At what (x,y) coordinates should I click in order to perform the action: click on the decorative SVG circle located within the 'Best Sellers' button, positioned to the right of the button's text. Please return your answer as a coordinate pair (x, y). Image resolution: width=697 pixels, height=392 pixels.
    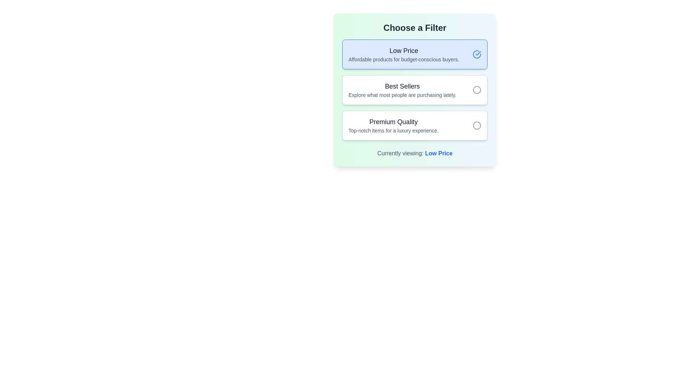
    Looking at the image, I should click on (477, 89).